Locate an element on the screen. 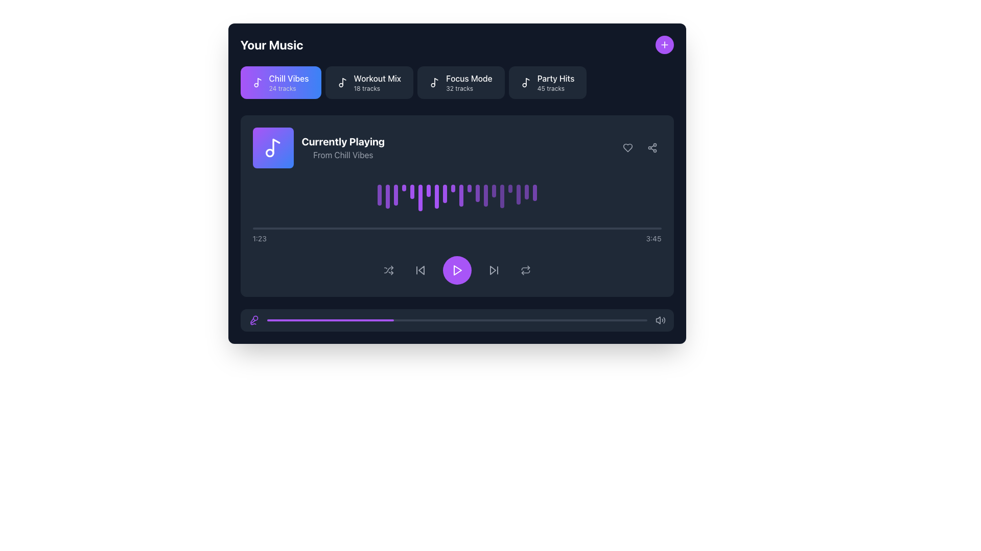  the sixth vertical waveform bar, which is purple and part of a music playback interface, located centrally in the waveform display is located at coordinates (420, 198).